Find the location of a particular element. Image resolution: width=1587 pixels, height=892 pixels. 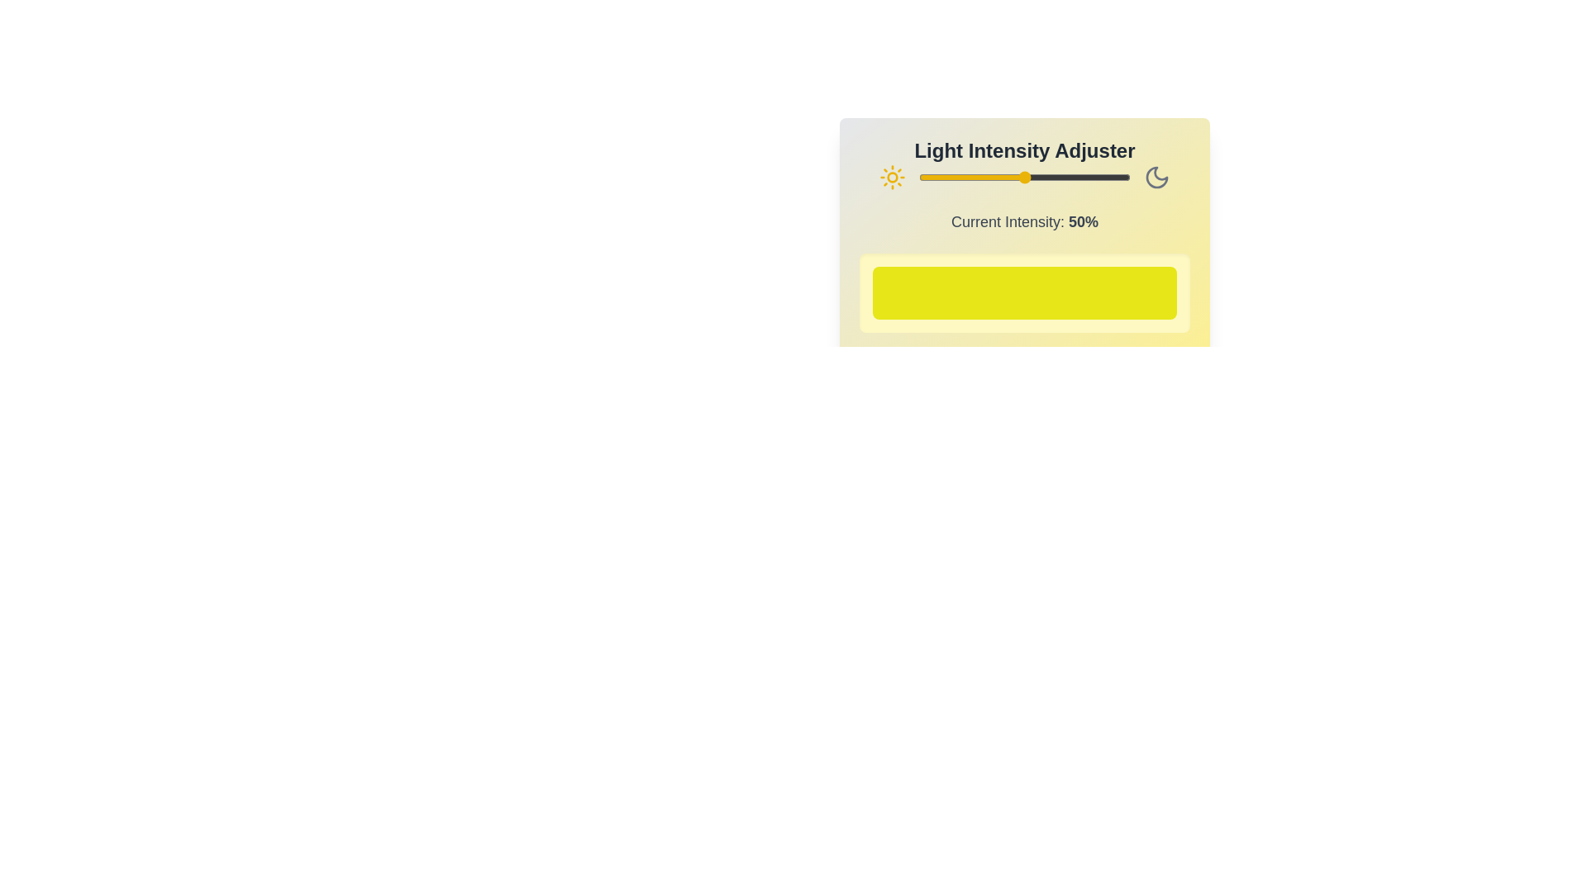

the light intensity to 99% by moving the slider is located at coordinates (1127, 178).